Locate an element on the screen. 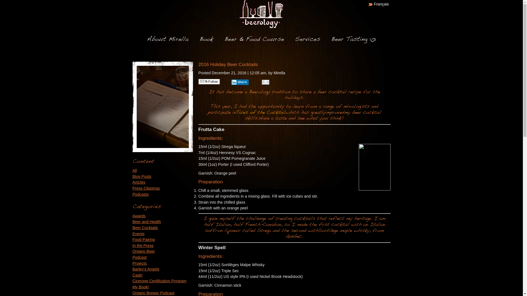  'My Book!' is located at coordinates (141, 286).